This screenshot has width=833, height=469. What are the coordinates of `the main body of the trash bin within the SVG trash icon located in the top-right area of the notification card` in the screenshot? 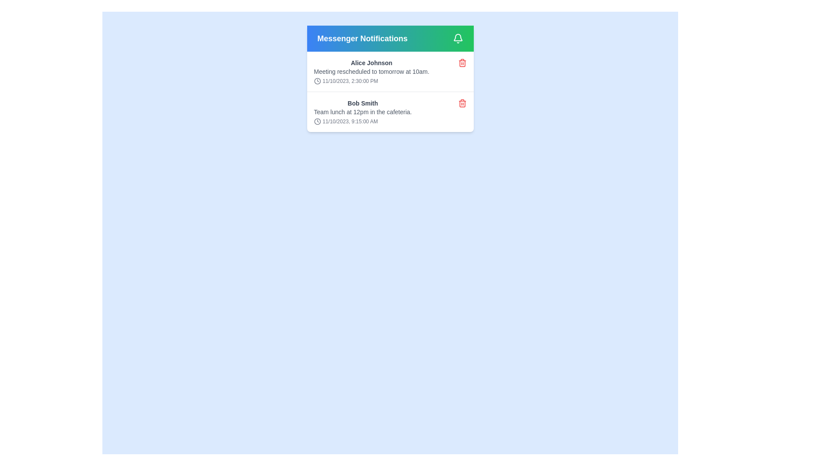 It's located at (462, 63).